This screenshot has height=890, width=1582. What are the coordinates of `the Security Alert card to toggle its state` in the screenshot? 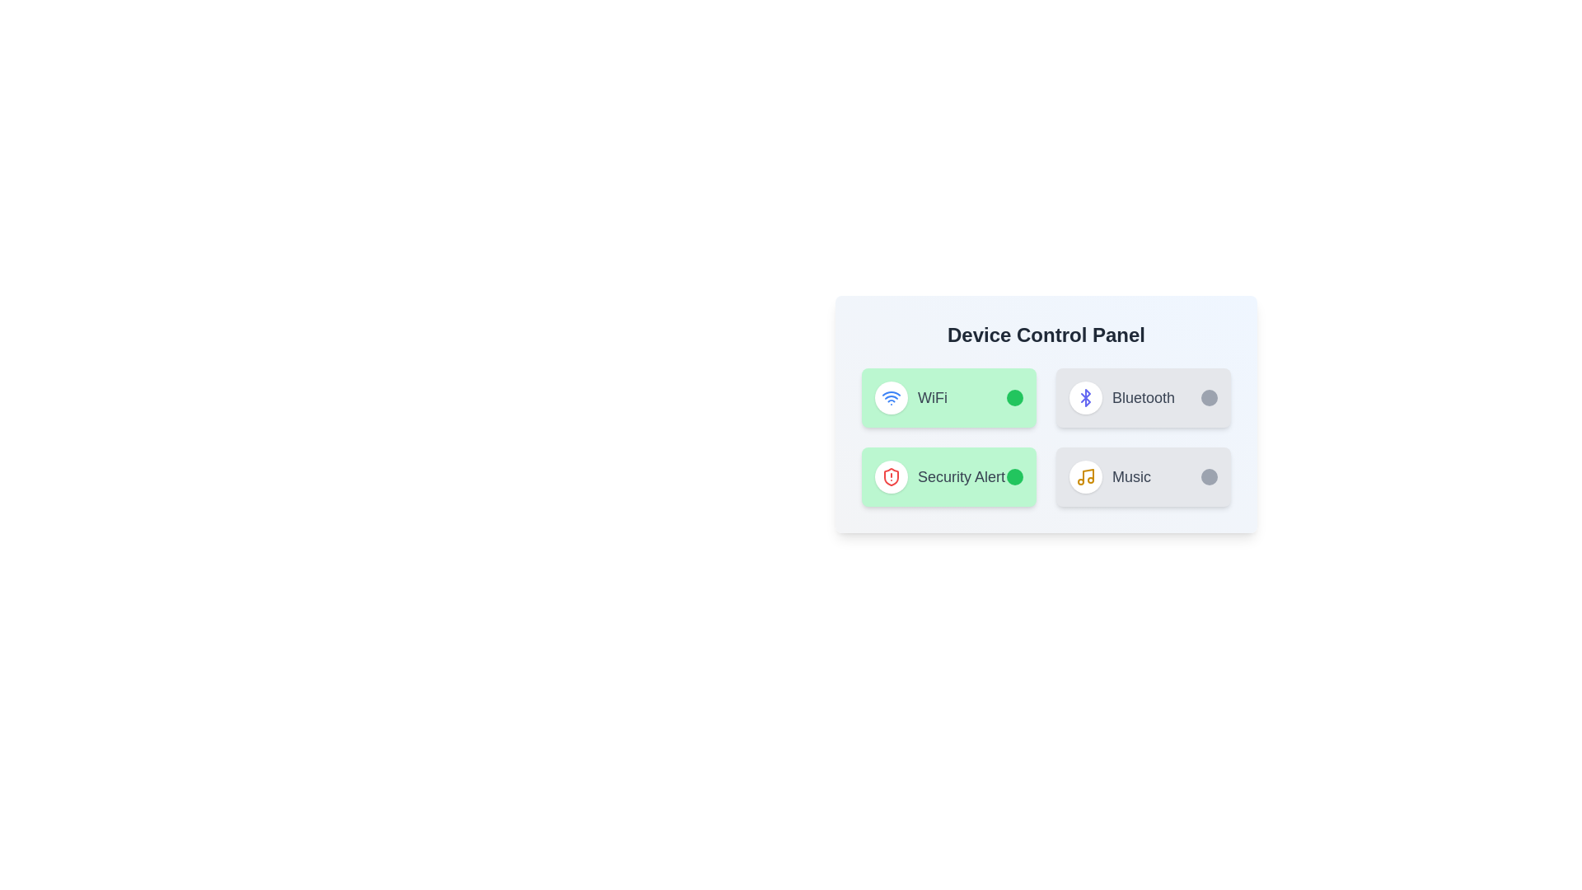 It's located at (949, 476).